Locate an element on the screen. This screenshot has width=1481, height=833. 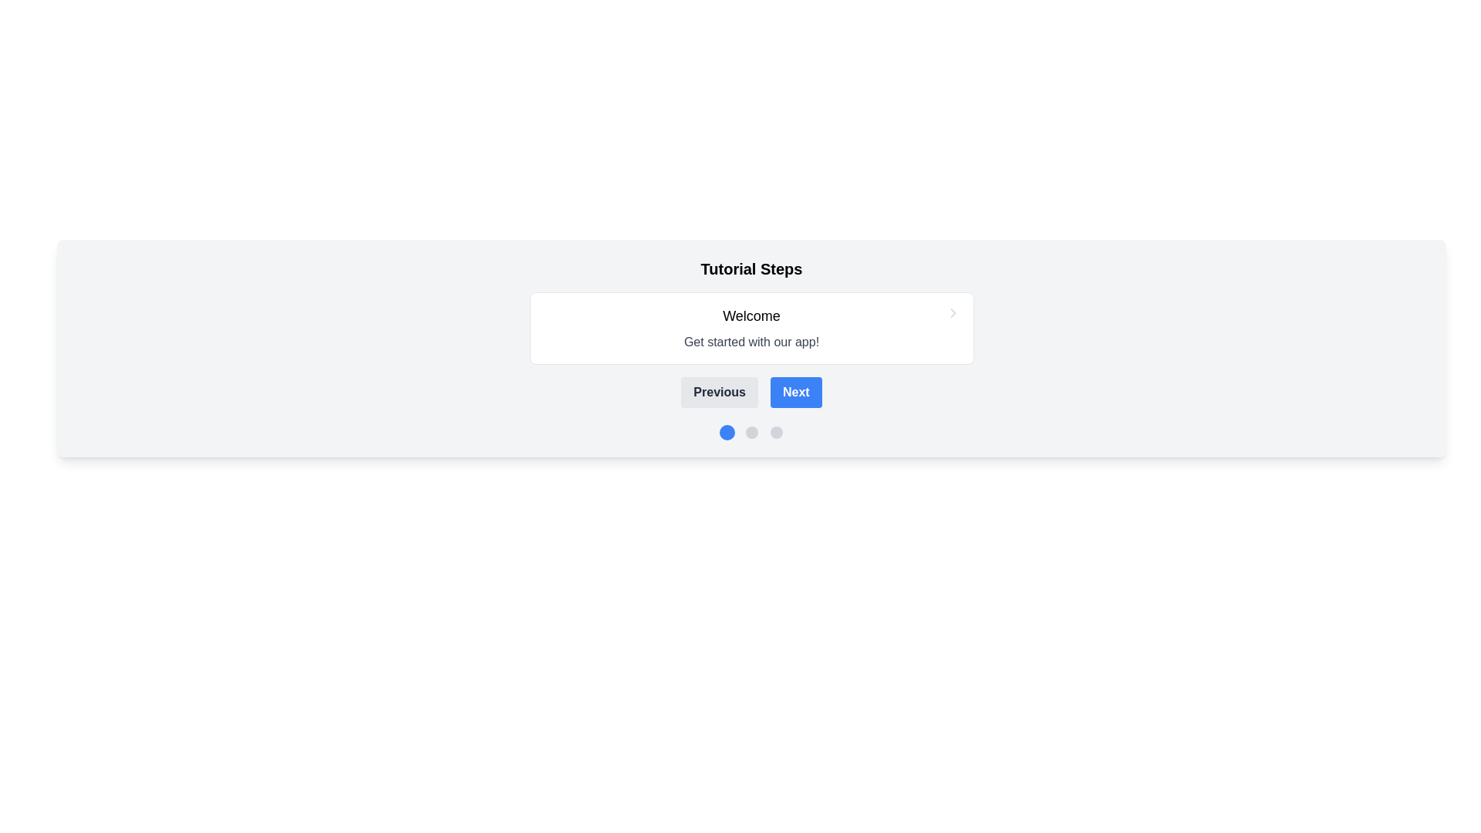
the small circular blue button located at the bottom of the interface, which is the leftmost among three sibling buttons is located at coordinates (726, 432).